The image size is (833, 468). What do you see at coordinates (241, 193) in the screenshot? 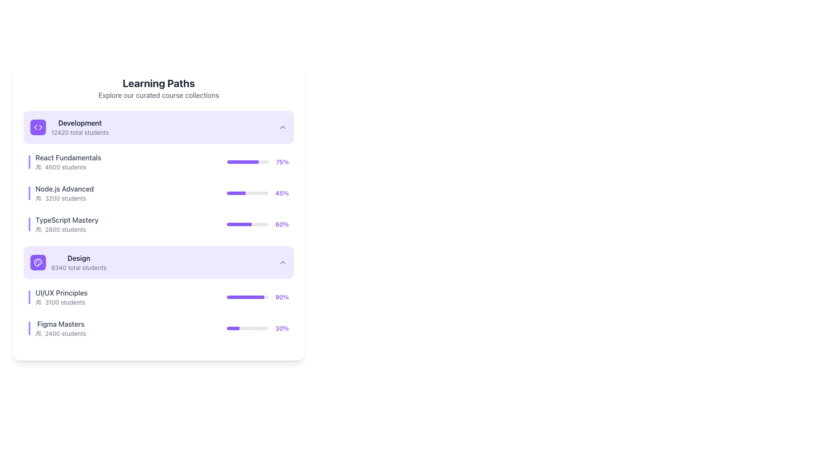
I see `progress` at bounding box center [241, 193].